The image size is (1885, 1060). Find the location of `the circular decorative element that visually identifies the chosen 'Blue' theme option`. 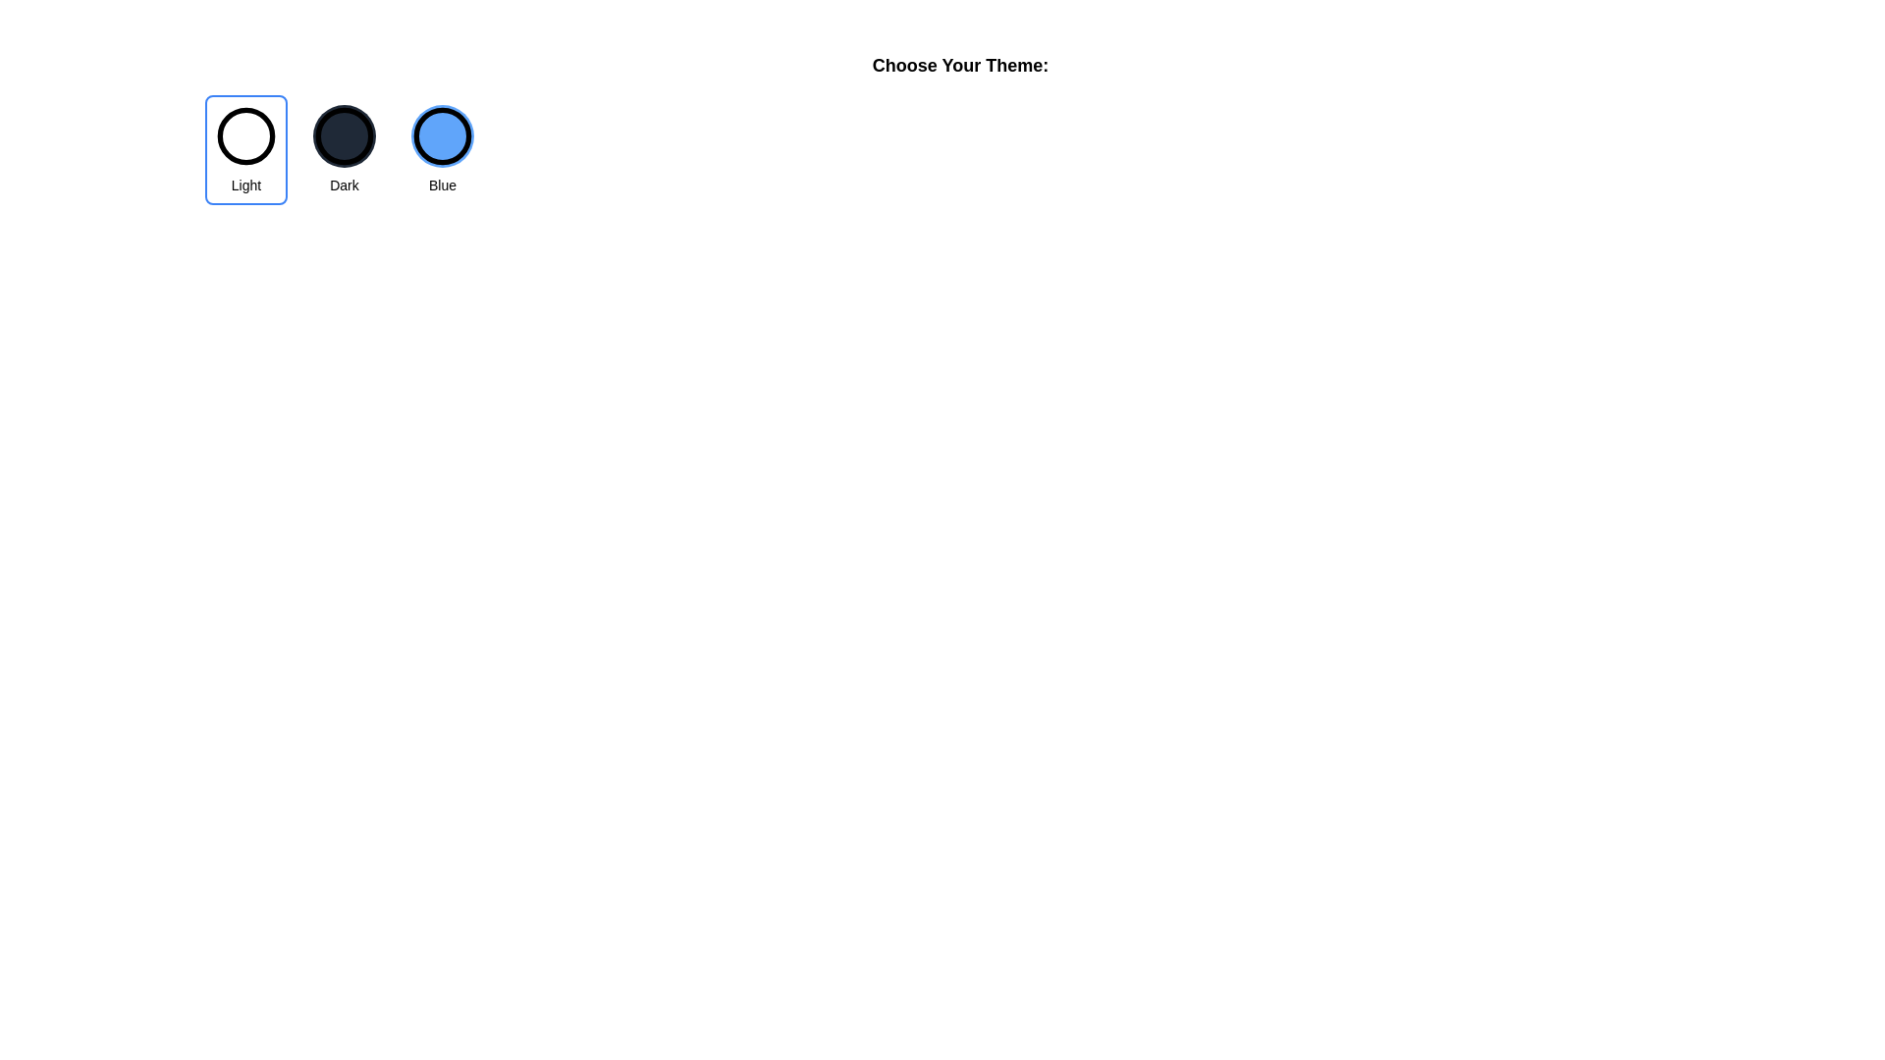

the circular decorative element that visually identifies the chosen 'Blue' theme option is located at coordinates (442, 134).